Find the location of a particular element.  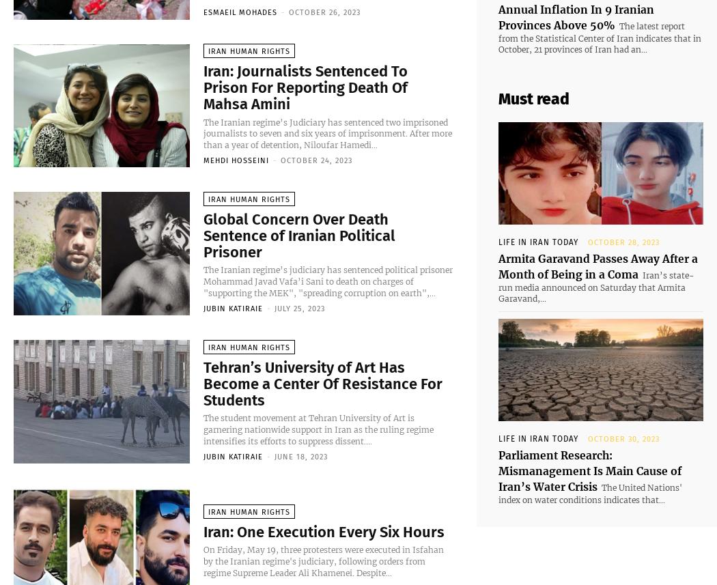

'Tehran’s University of Art Has Become a Center Of Resistance For Students' is located at coordinates (323, 386).